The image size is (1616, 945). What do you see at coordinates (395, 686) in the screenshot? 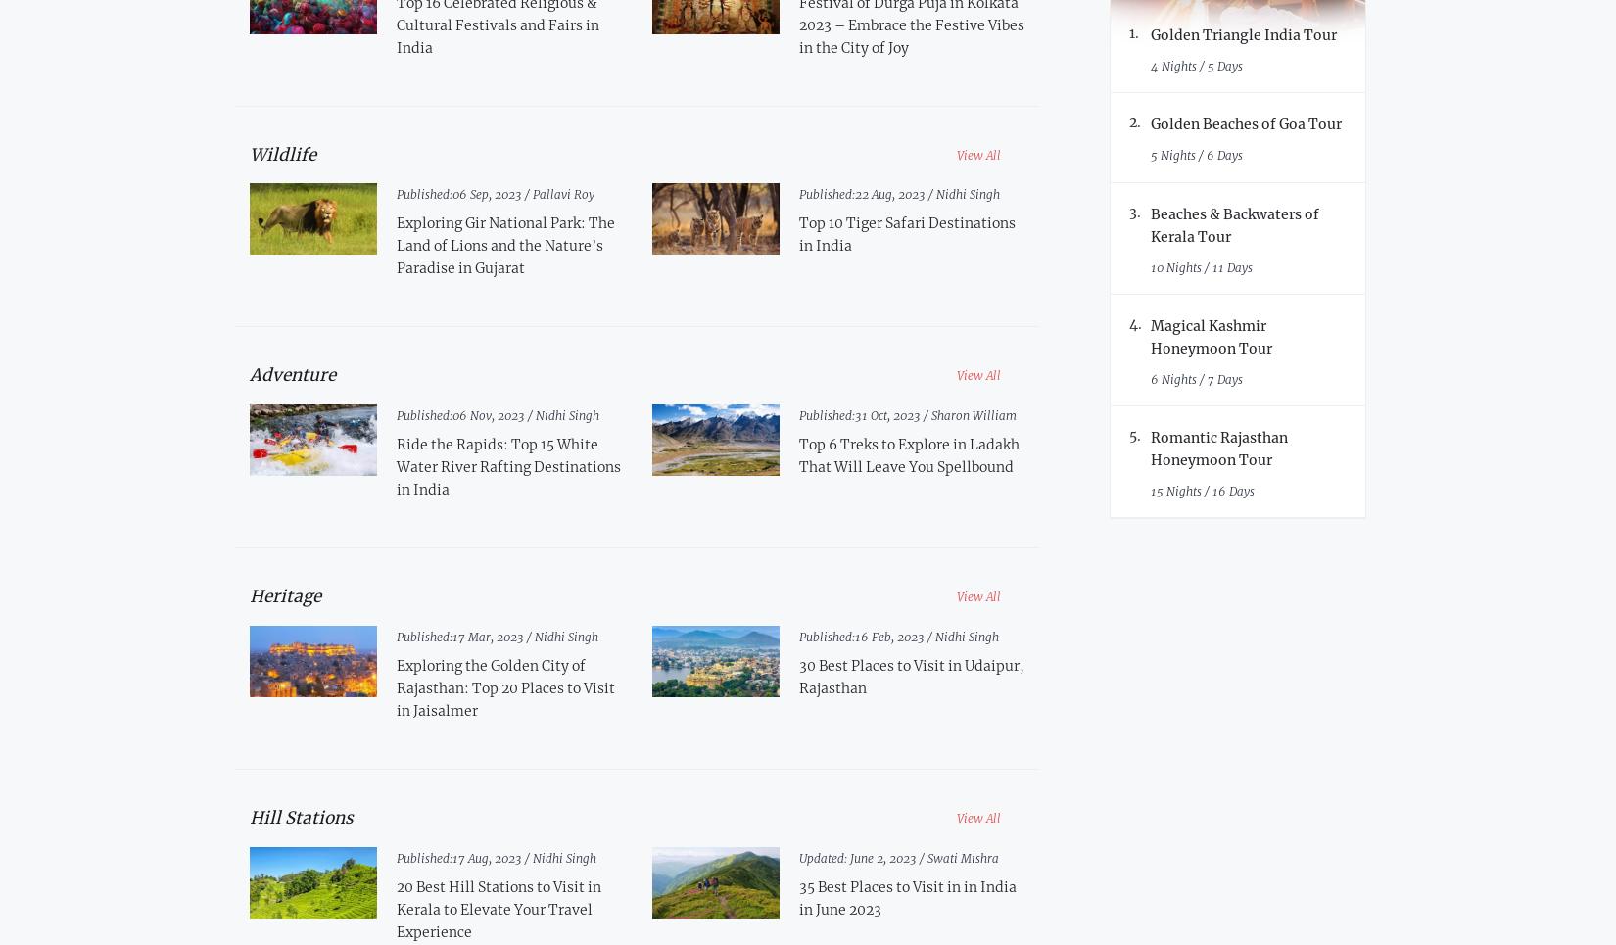
I see `'Exploring the Golden City of Rajasthan: Top 20 Places to Visit in Jaisalmer'` at bounding box center [395, 686].